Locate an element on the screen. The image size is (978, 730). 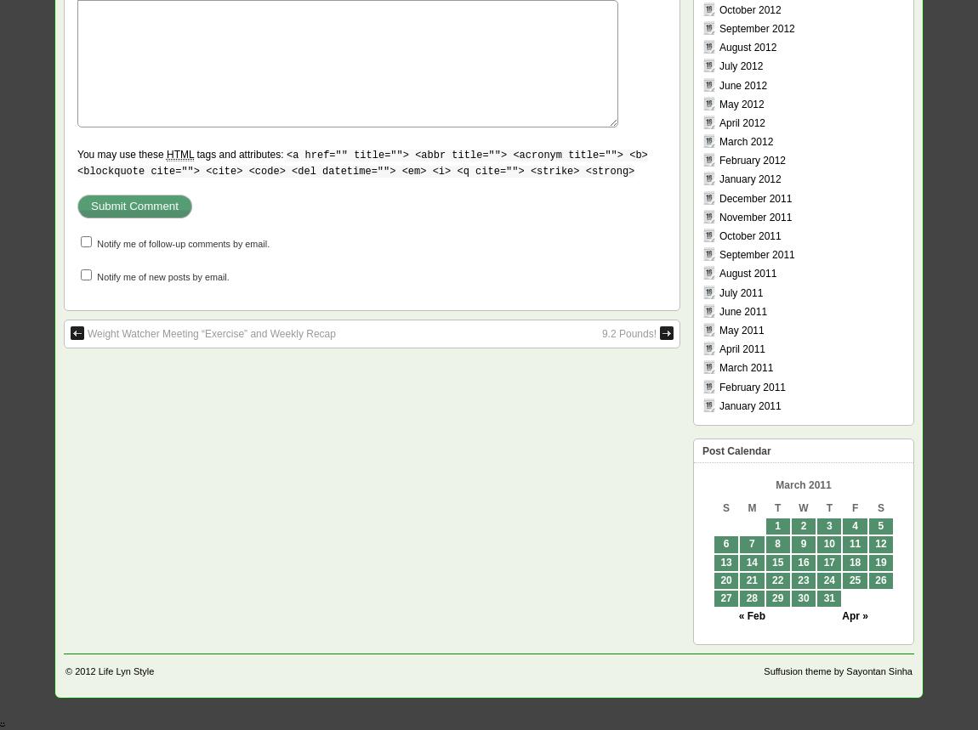
'« Feb' is located at coordinates (752, 614).